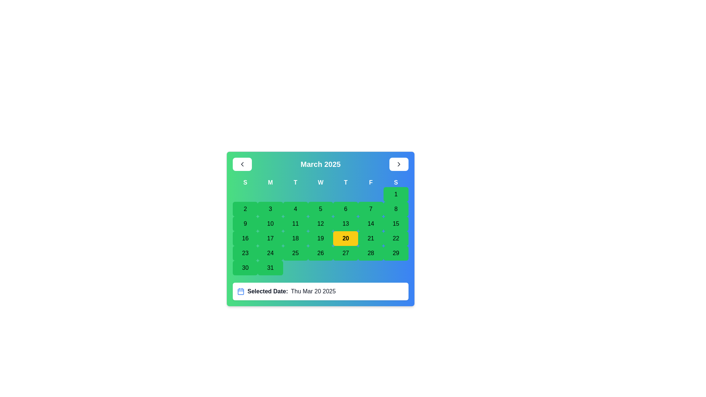 This screenshot has width=706, height=397. Describe the element at coordinates (345, 223) in the screenshot. I see `the button representing the date '13'` at that location.